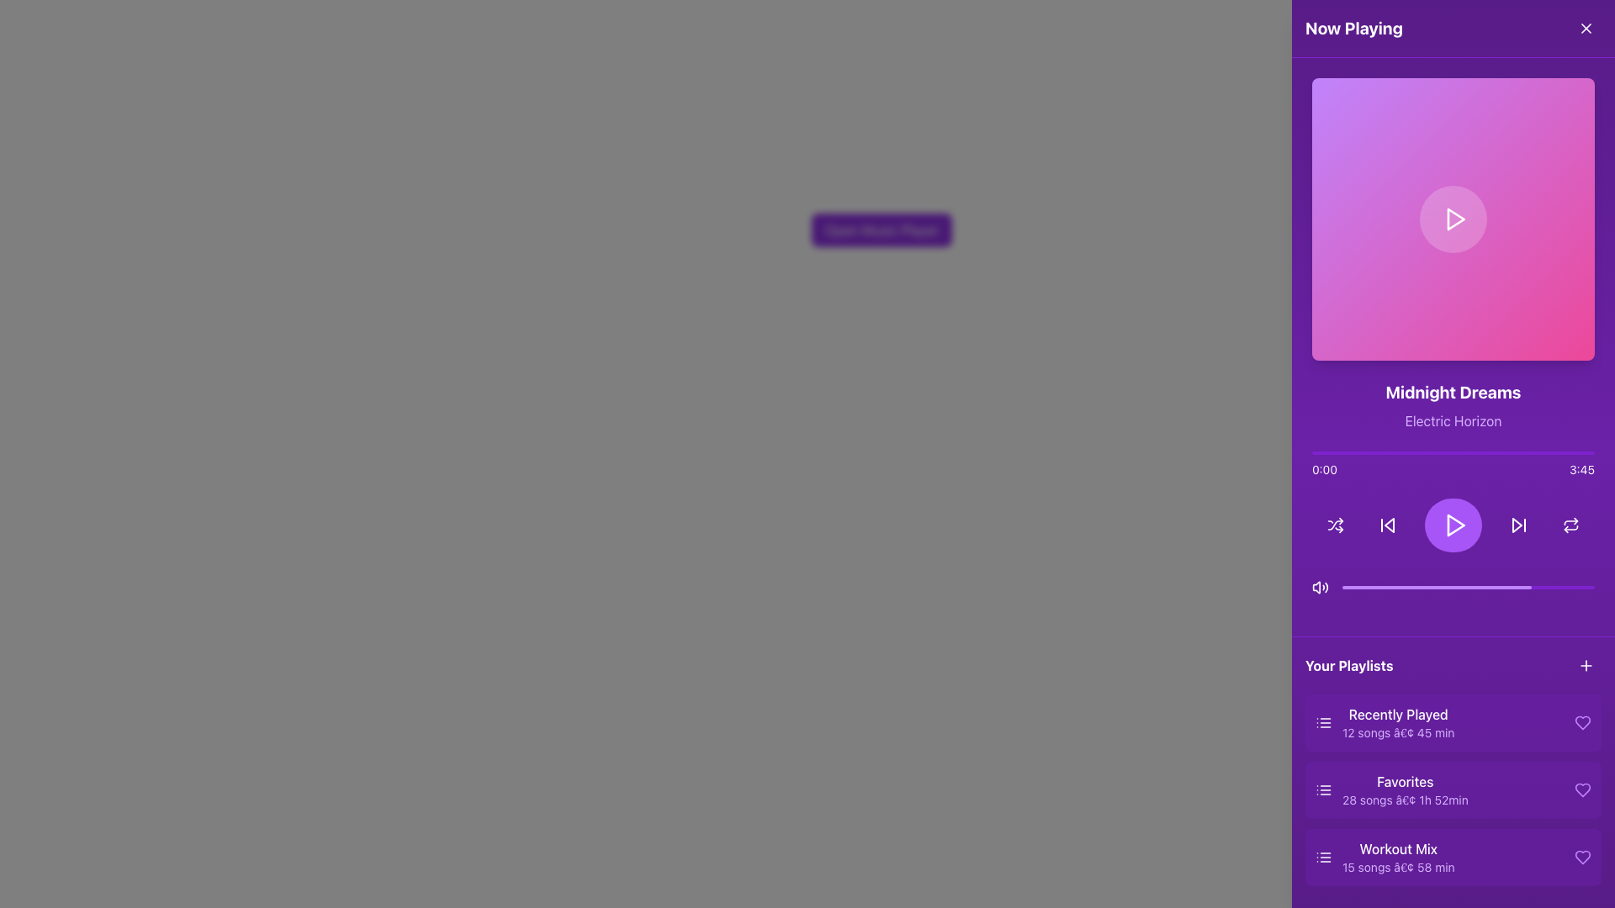  I want to click on the 'play' icon located in the middle area of the 'Now Playing' section, so click(1455, 524).